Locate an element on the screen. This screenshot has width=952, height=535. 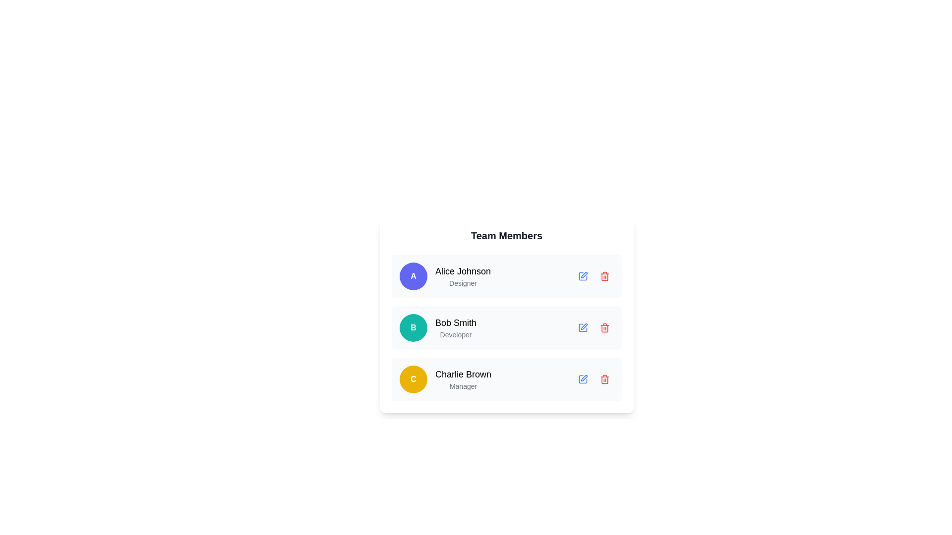
the edit icon button located in the second row of the 'Team Members' list, between 'Bob Smith' and the red trash icon to initiate an edit action is located at coordinates (583, 328).